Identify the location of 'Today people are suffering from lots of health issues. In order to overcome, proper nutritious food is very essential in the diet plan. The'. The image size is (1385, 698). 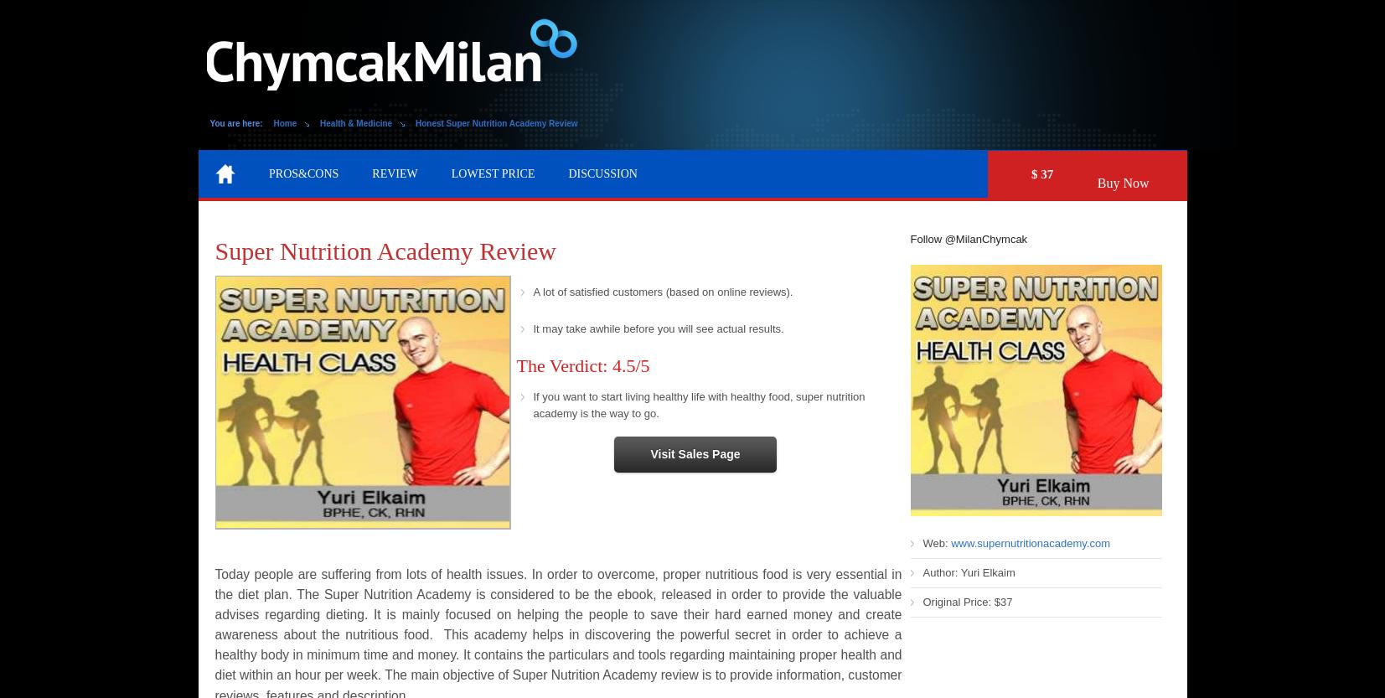
(556, 582).